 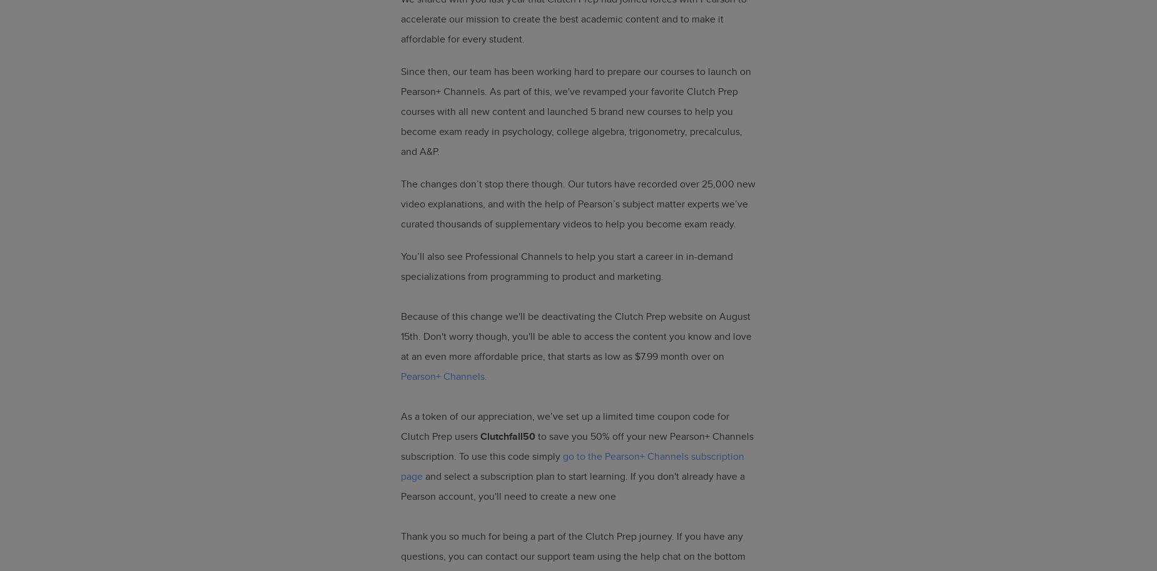 I want to click on 'Since then, our team has been working hard to prepare our courses to launch on Pearson+ Channels. As part of this, we've revamped your favorite Clutch Prep courses with all new content and launched 5 brand new courses to help you become exam ready in psychology, college algebra, trigonometry, precalculus, and A&P.', so click(x=401, y=111).